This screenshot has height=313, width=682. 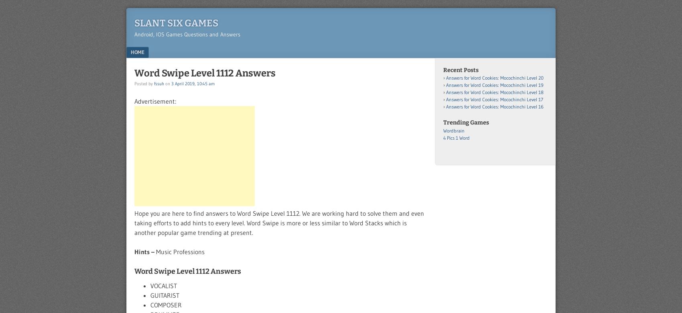 I want to click on 'Posted by', so click(x=134, y=83).